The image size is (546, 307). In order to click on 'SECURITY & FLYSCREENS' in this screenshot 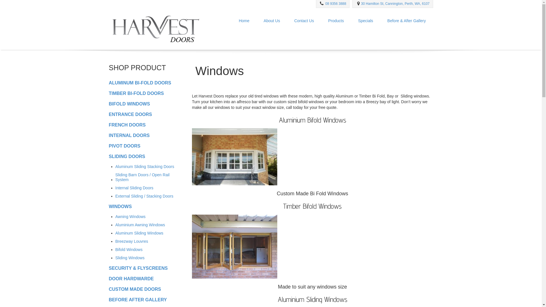, I will do `click(138, 268)`.